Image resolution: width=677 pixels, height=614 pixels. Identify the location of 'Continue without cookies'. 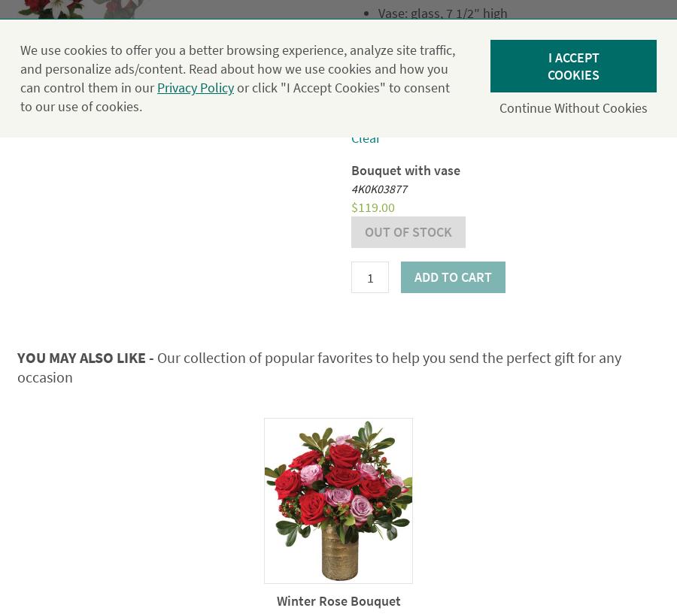
(572, 107).